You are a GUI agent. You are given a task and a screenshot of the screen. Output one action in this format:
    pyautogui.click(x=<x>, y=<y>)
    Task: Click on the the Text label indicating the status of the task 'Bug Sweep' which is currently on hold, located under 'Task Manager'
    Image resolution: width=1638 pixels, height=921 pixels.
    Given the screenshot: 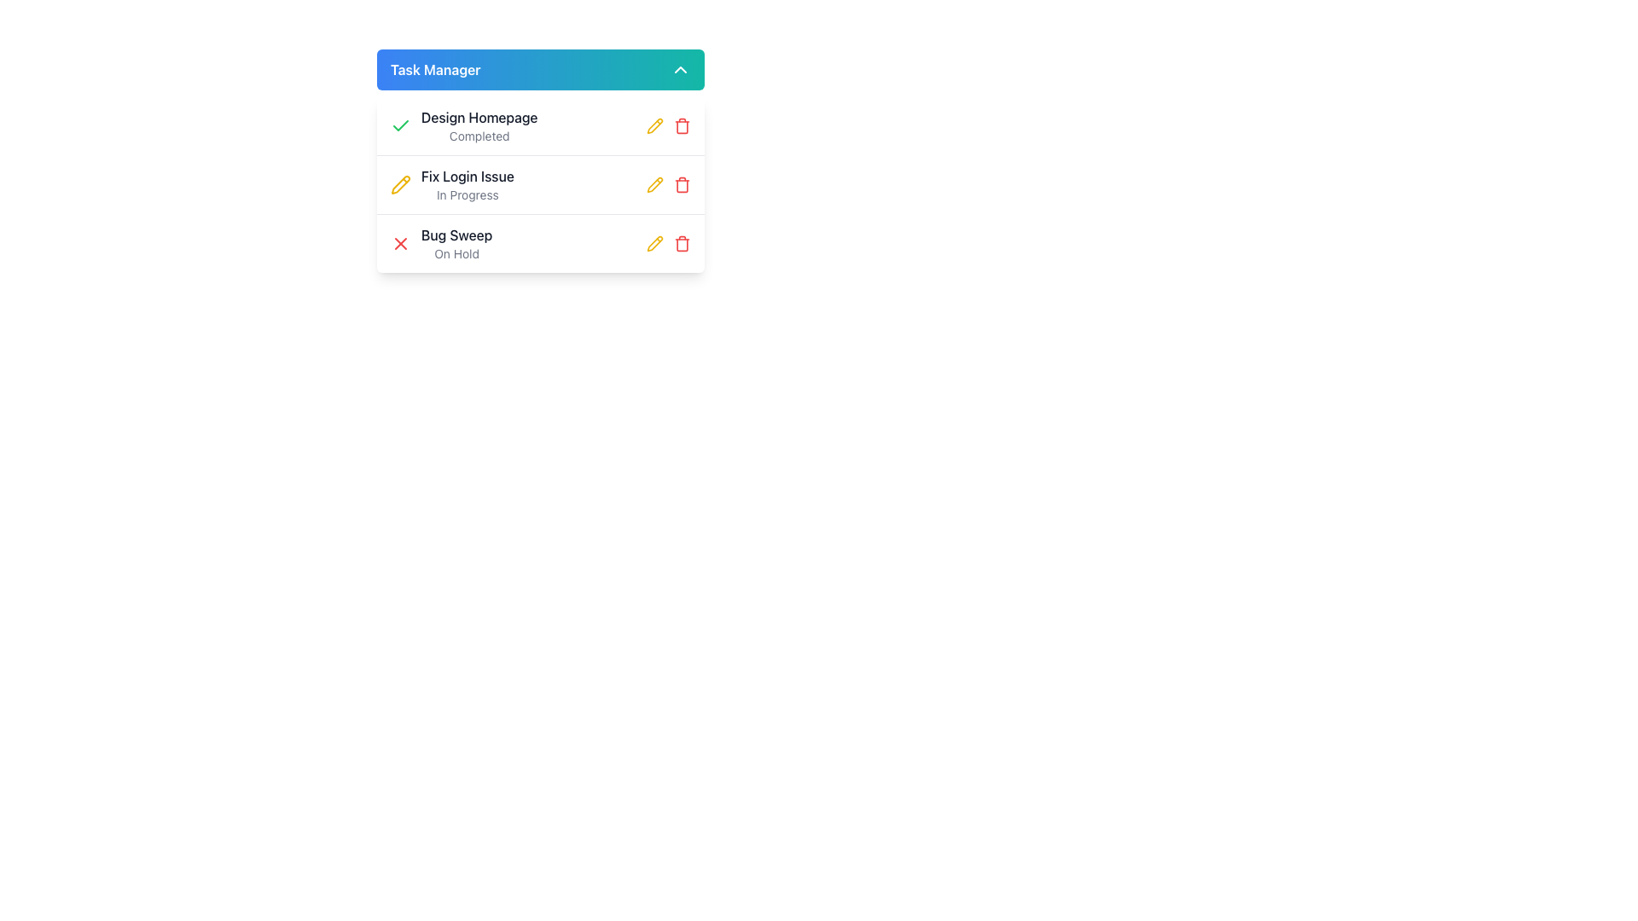 What is the action you would take?
    pyautogui.click(x=441, y=243)
    